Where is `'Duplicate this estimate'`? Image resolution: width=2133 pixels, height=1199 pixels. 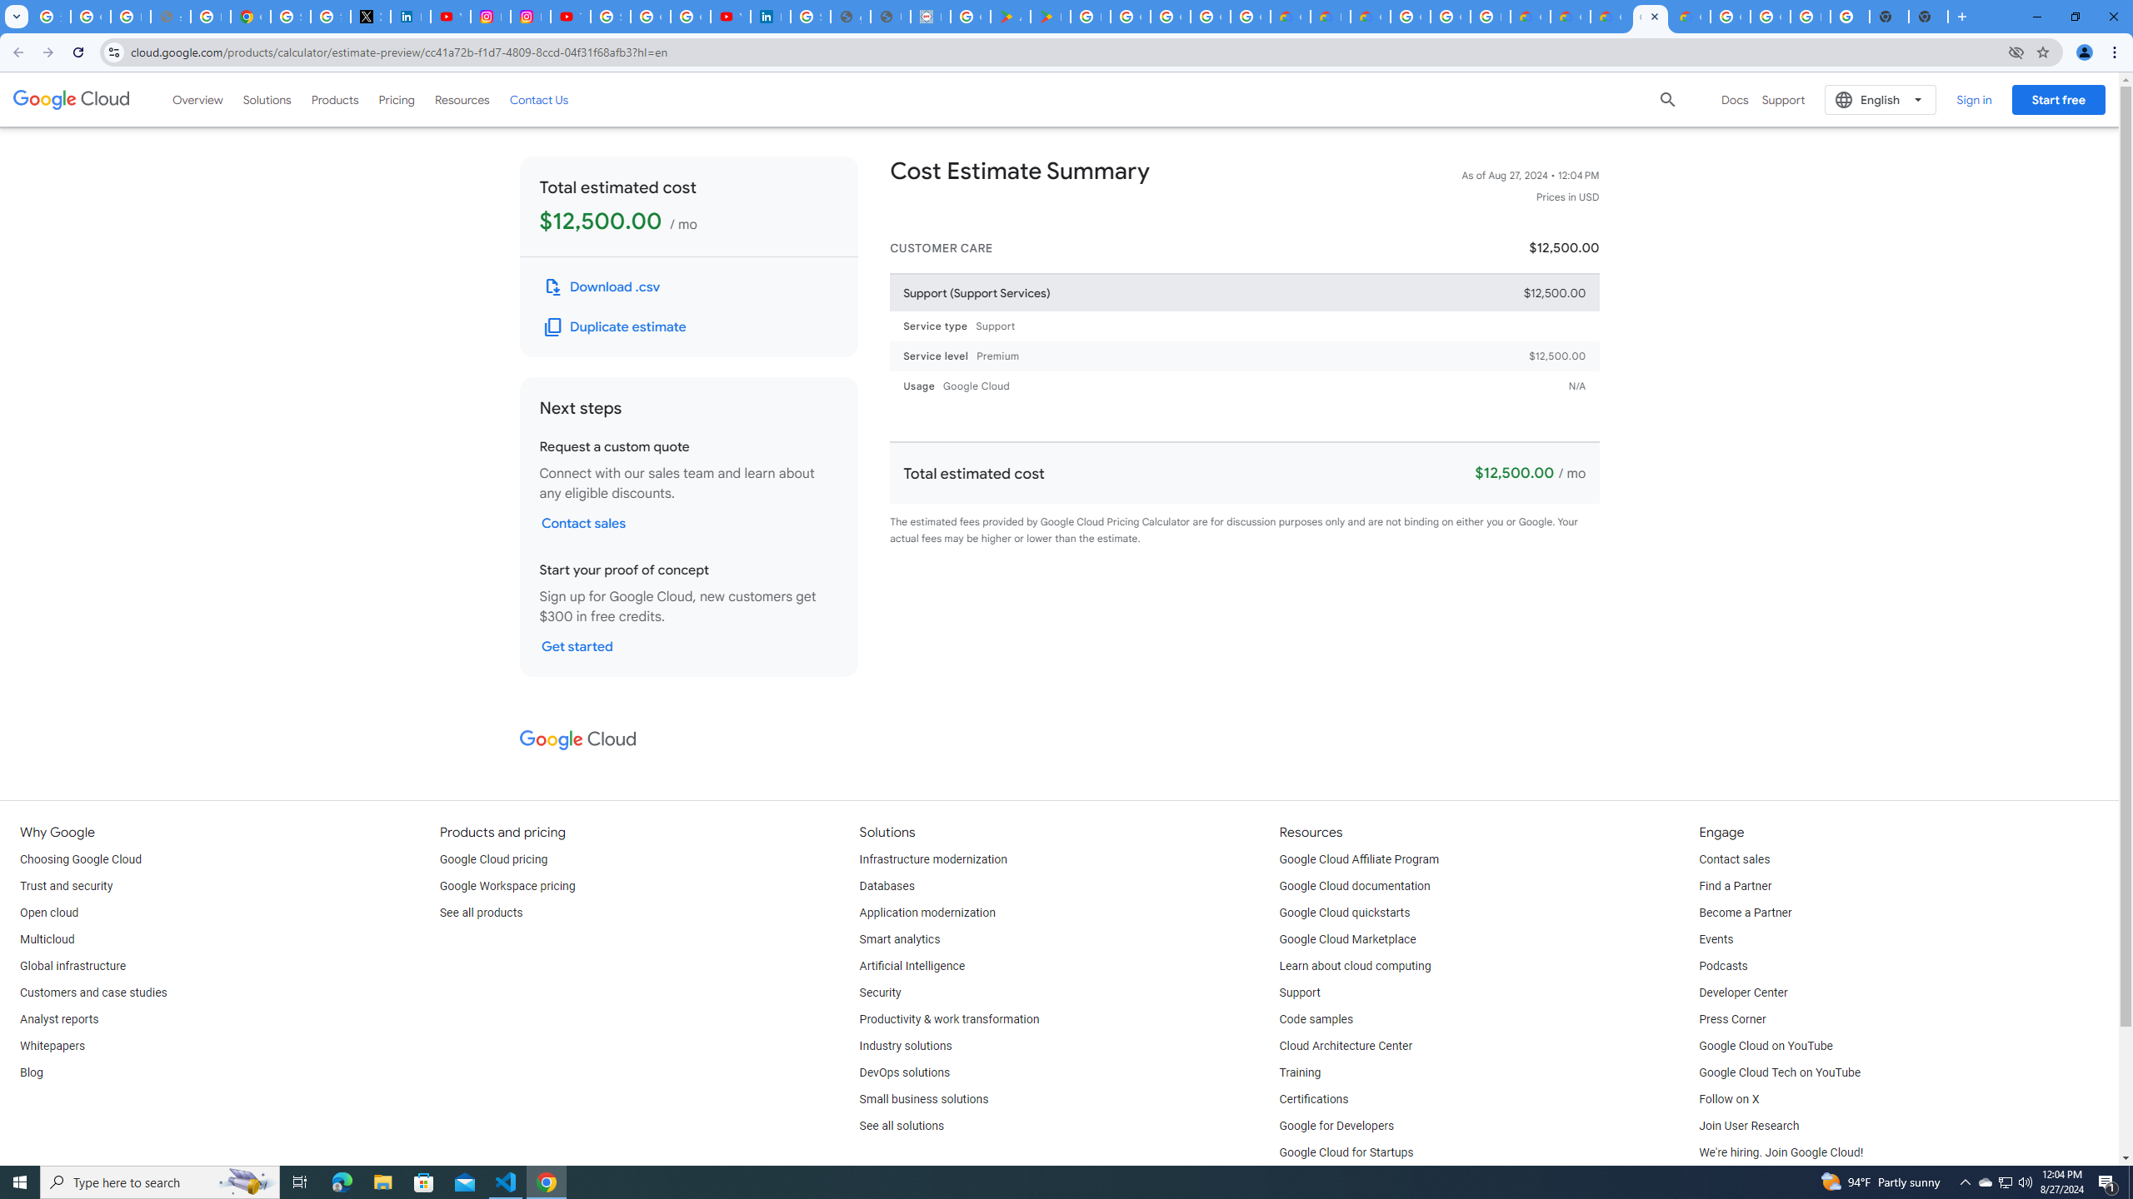
'Duplicate this estimate' is located at coordinates (615, 326).